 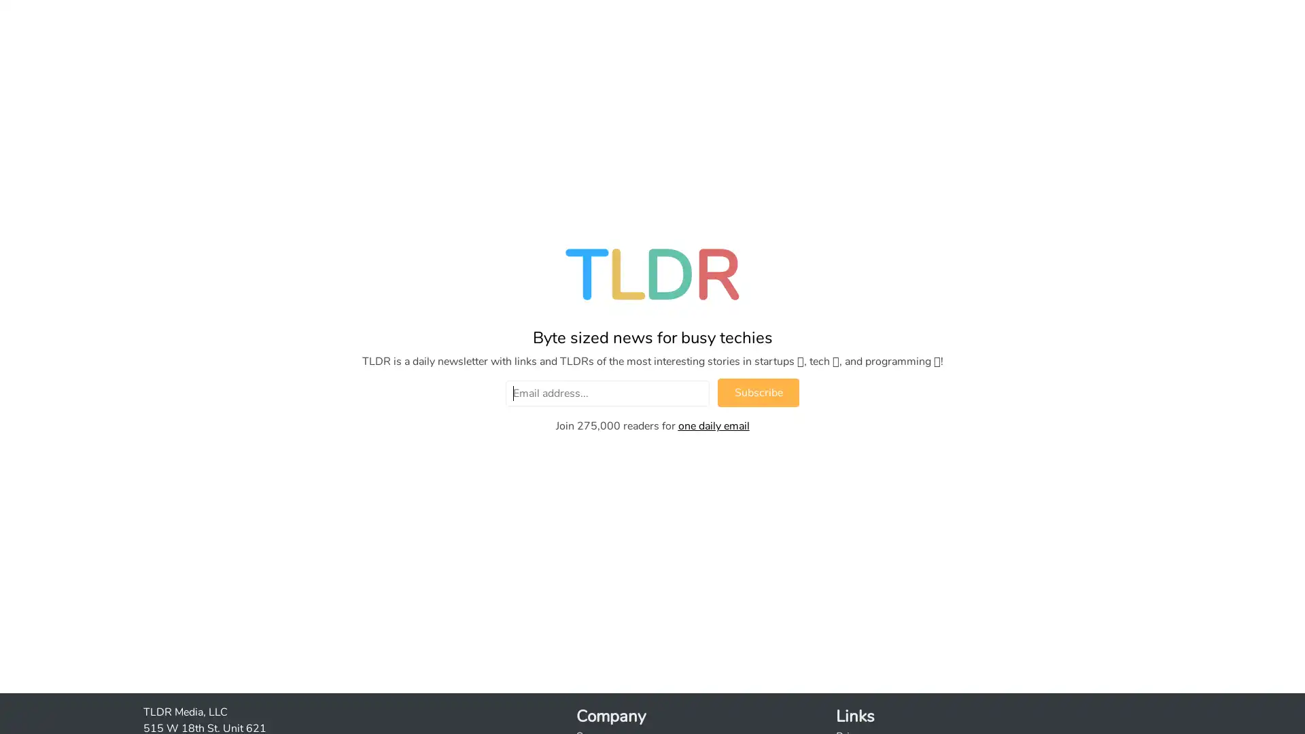 I want to click on Subscribe, so click(x=758, y=393).